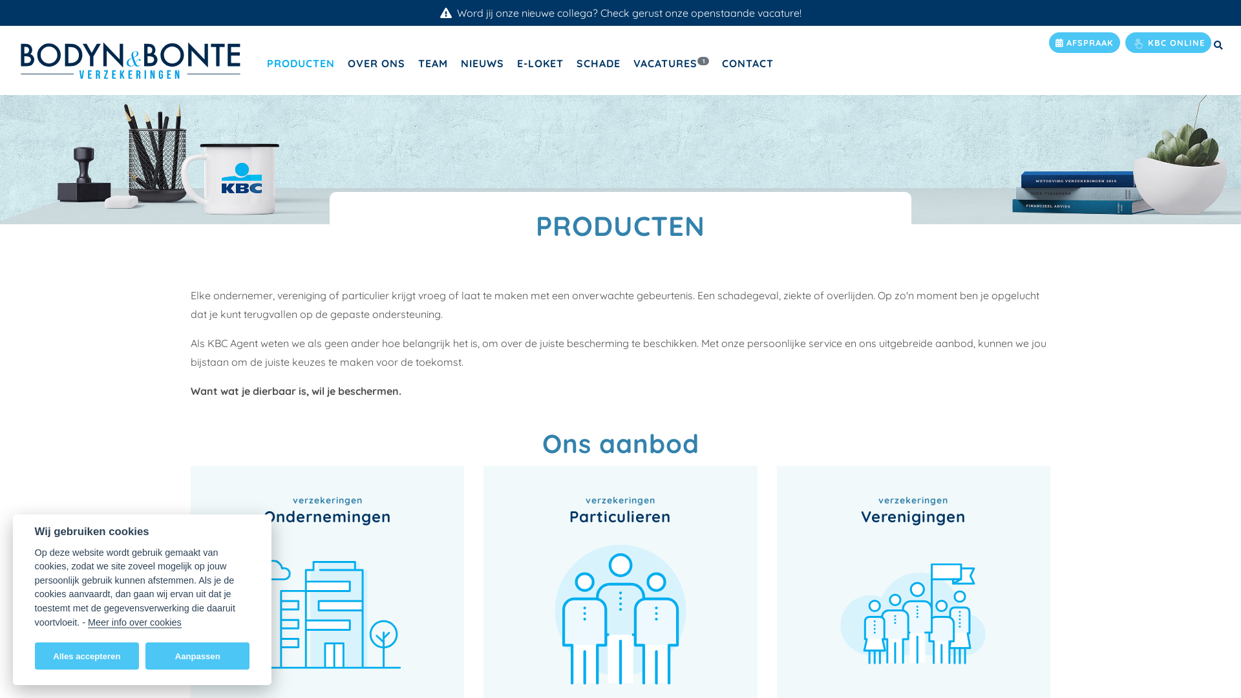 The height and width of the screenshot is (698, 1241). What do you see at coordinates (540, 63) in the screenshot?
I see `'E-LOKET'` at bounding box center [540, 63].